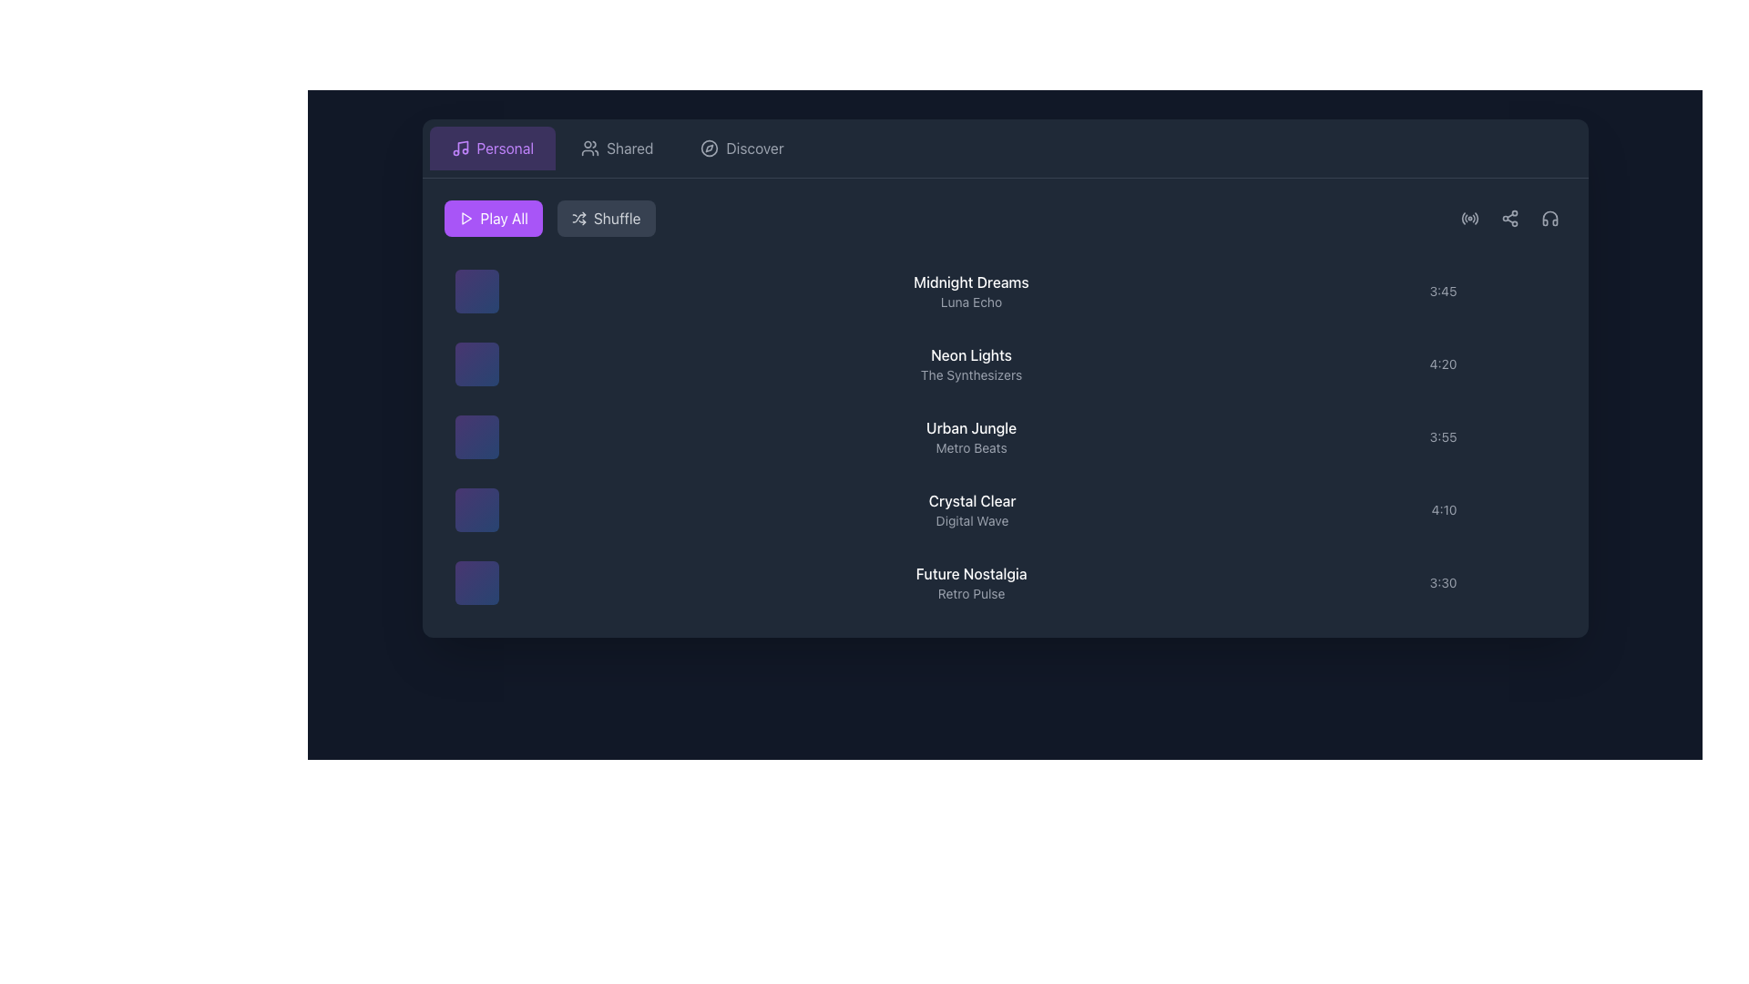 This screenshot has height=984, width=1749. I want to click on the text label displaying the duration '3:30' in light gray font, so click(1442, 583).